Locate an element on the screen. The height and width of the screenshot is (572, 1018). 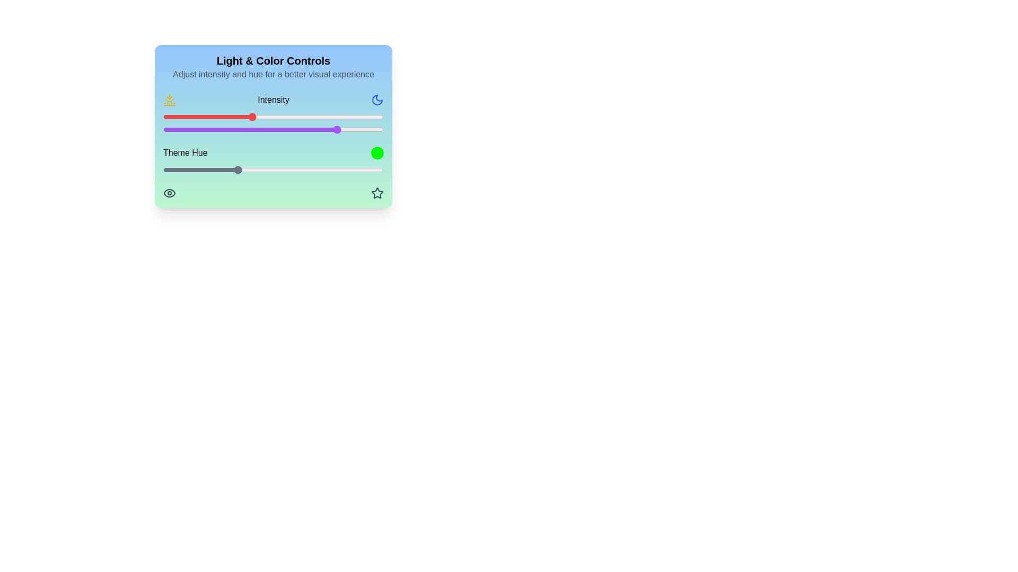
the crescent moon icon with a blue outline, located to the right of the 'Intensity' label is located at coordinates (377, 100).